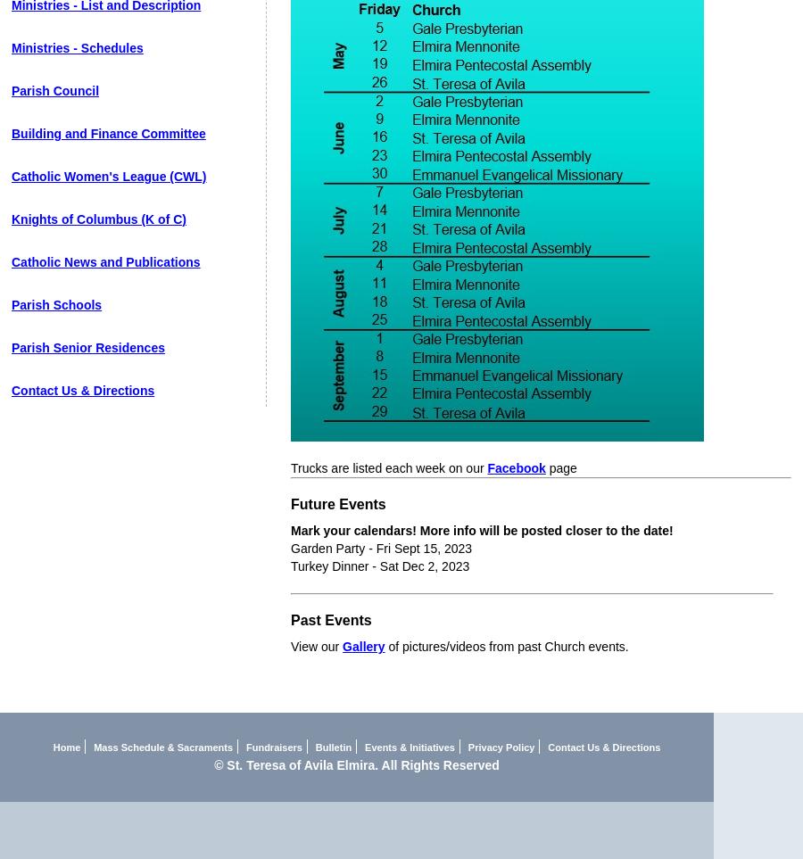  Describe the element at coordinates (289, 547) in the screenshot. I see `'Garden Party - Fri Sept 15, 2023'` at that location.